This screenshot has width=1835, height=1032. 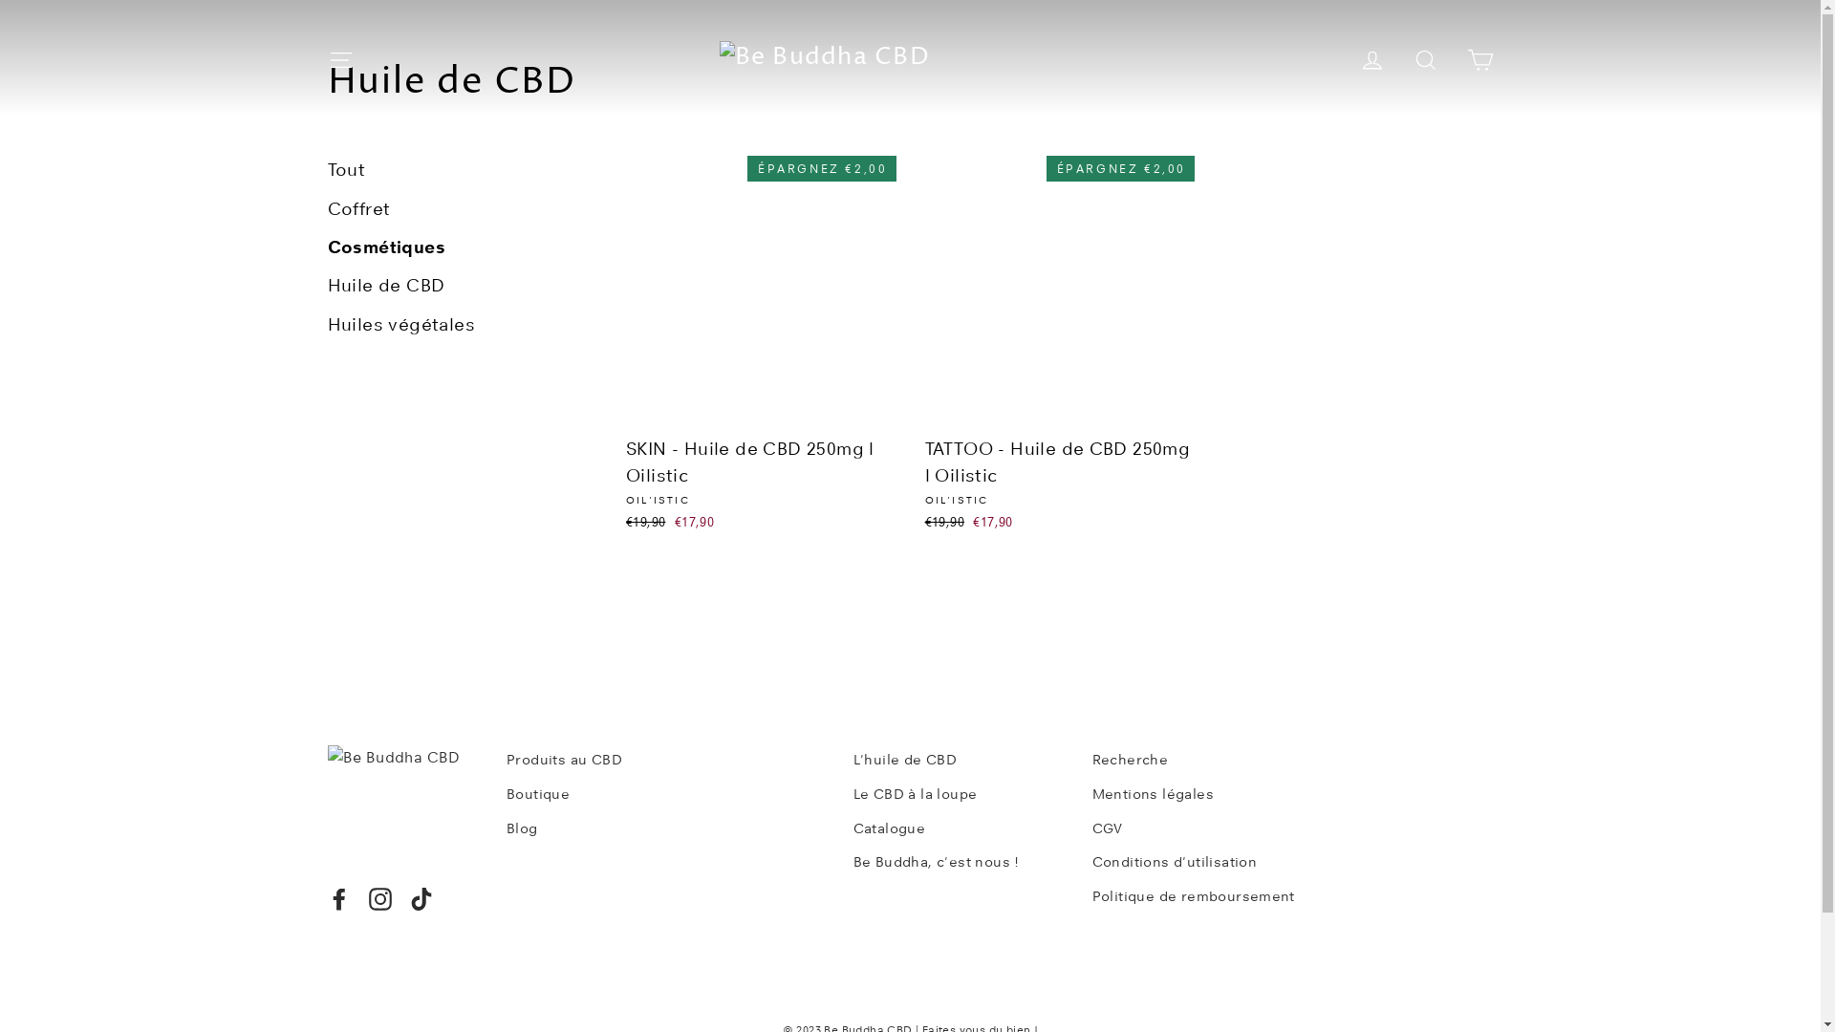 What do you see at coordinates (326, 209) in the screenshot?
I see `'Coffret'` at bounding box center [326, 209].